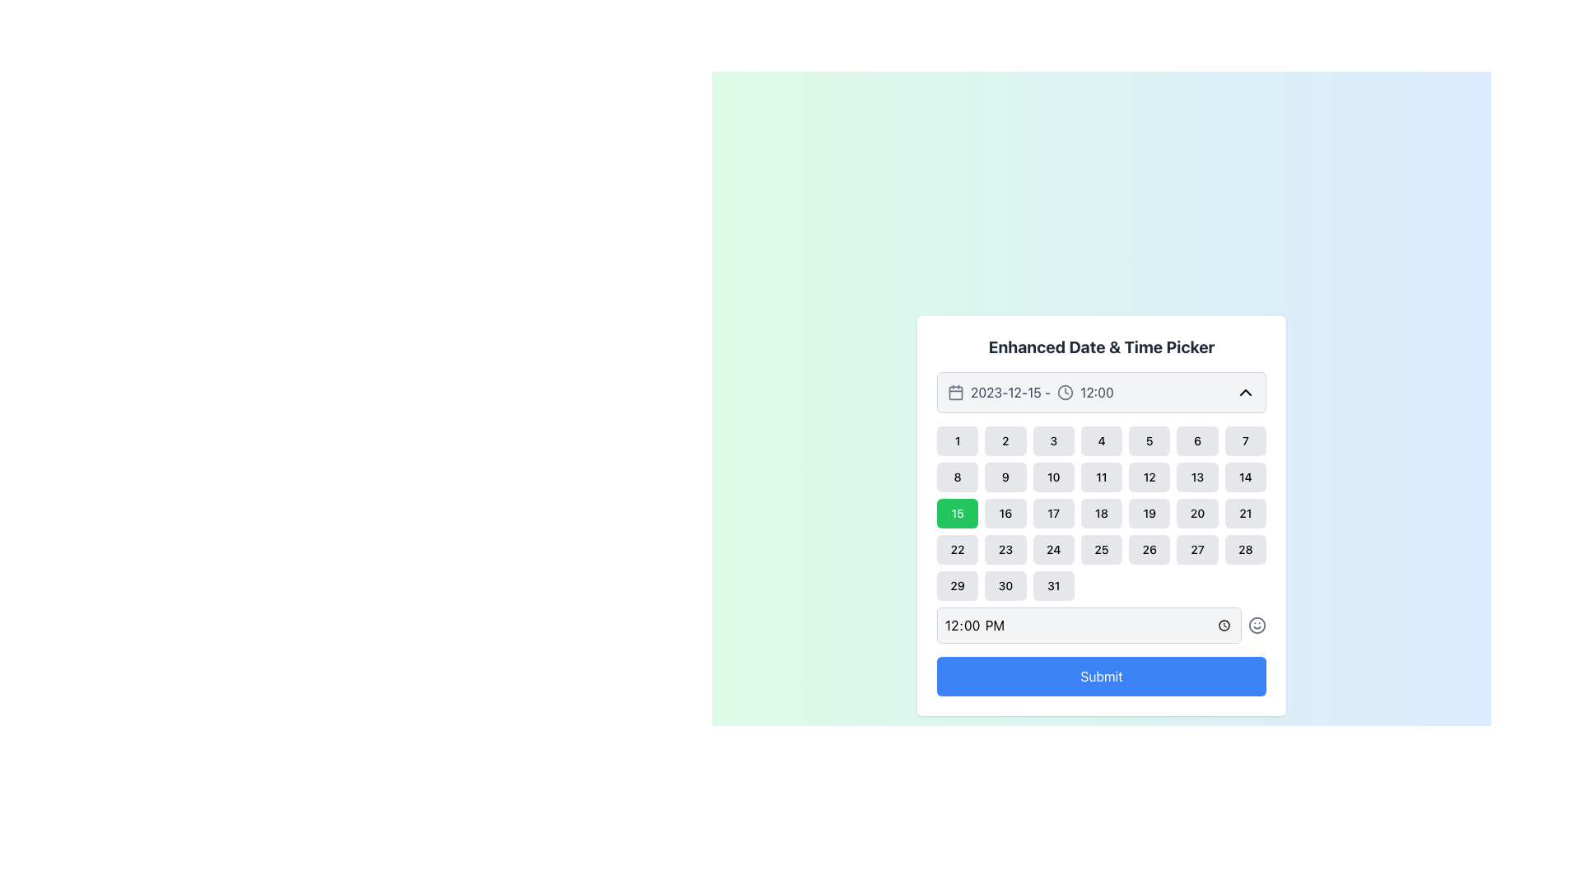 Image resolution: width=1581 pixels, height=889 pixels. Describe the element at coordinates (1052, 549) in the screenshot. I see `the rectangular button displaying the number '24' in black text, located in the fourth row and third column of the date picker UI grid` at that location.